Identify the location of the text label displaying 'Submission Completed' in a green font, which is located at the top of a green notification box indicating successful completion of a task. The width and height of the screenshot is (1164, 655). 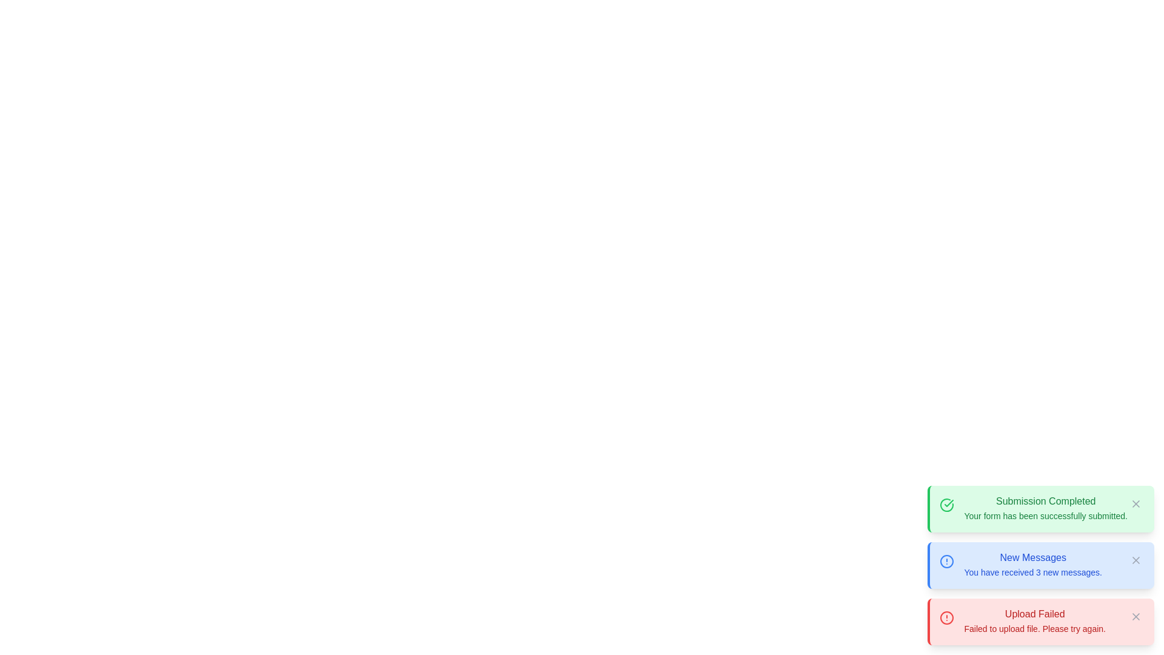
(1045, 501).